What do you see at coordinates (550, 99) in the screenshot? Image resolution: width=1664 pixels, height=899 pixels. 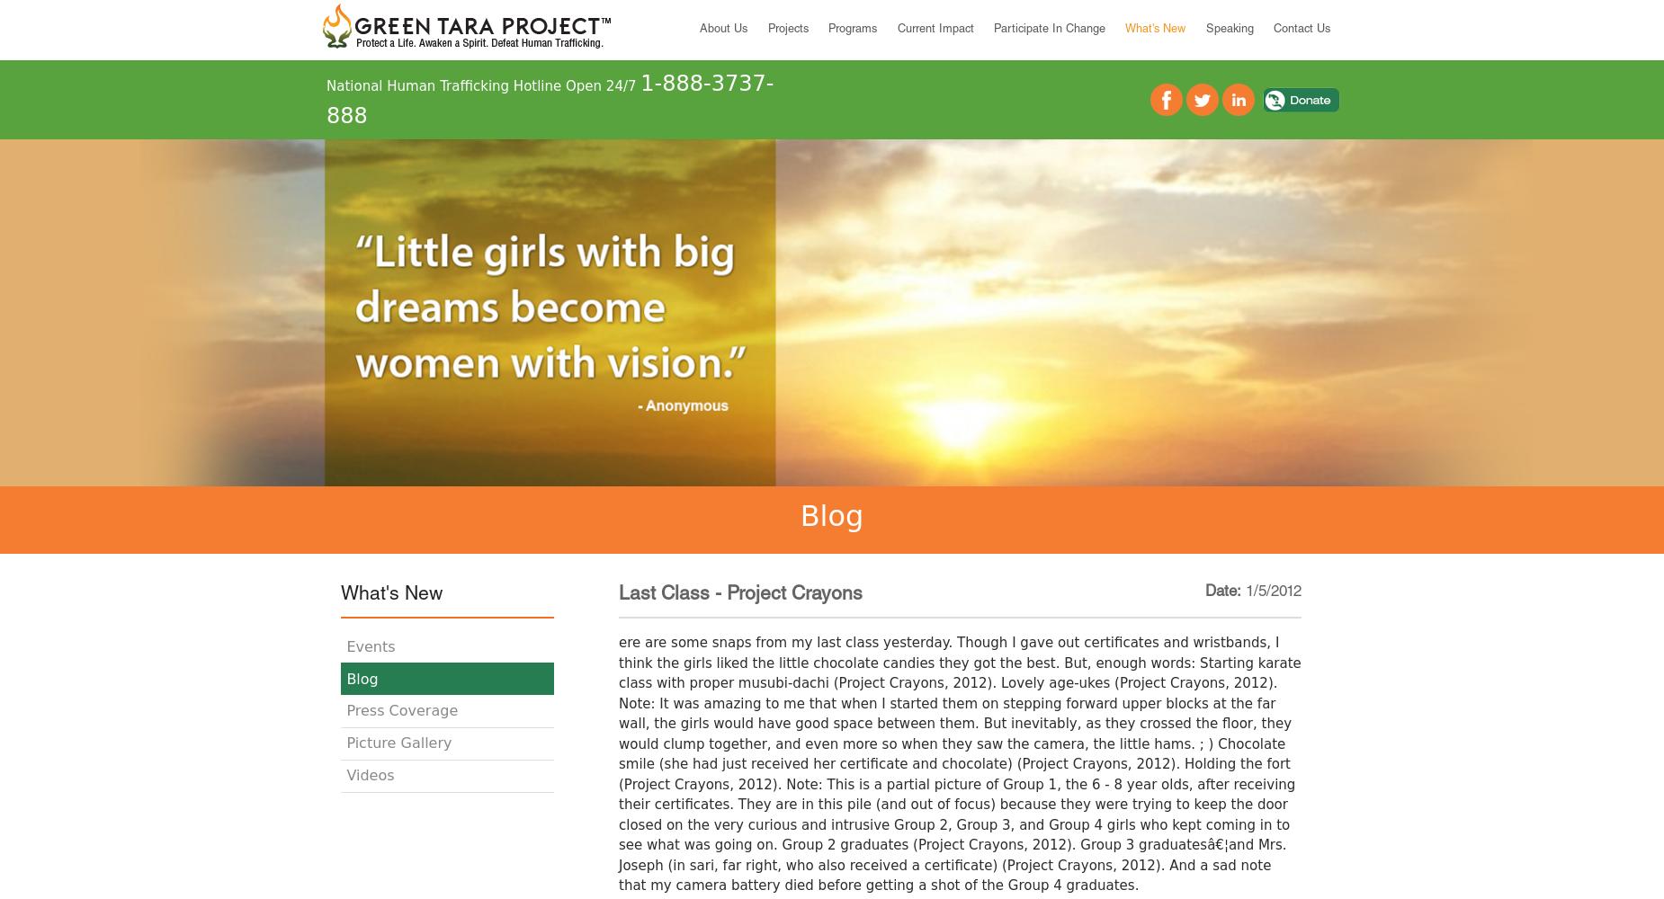 I see `'1-888-3737-888'` at bounding box center [550, 99].